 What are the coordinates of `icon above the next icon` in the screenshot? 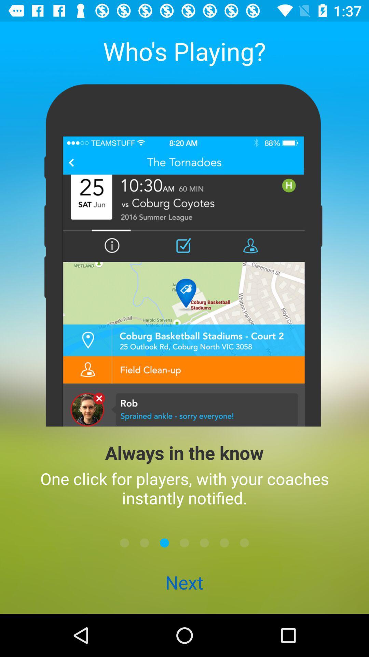 It's located at (124, 542).